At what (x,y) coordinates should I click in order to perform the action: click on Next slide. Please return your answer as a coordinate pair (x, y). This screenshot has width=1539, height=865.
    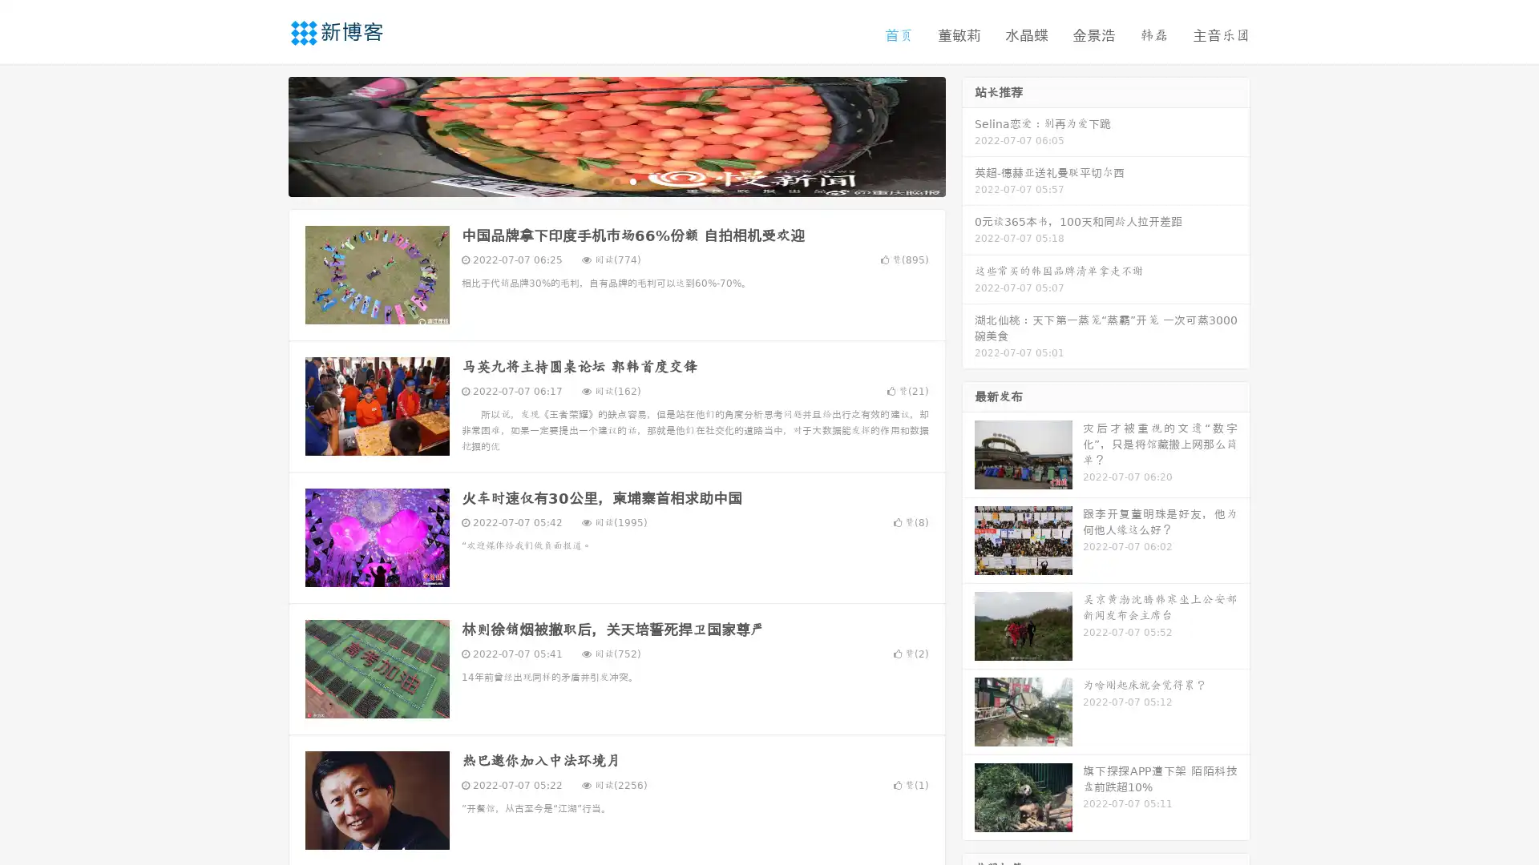
    Looking at the image, I should click on (968, 135).